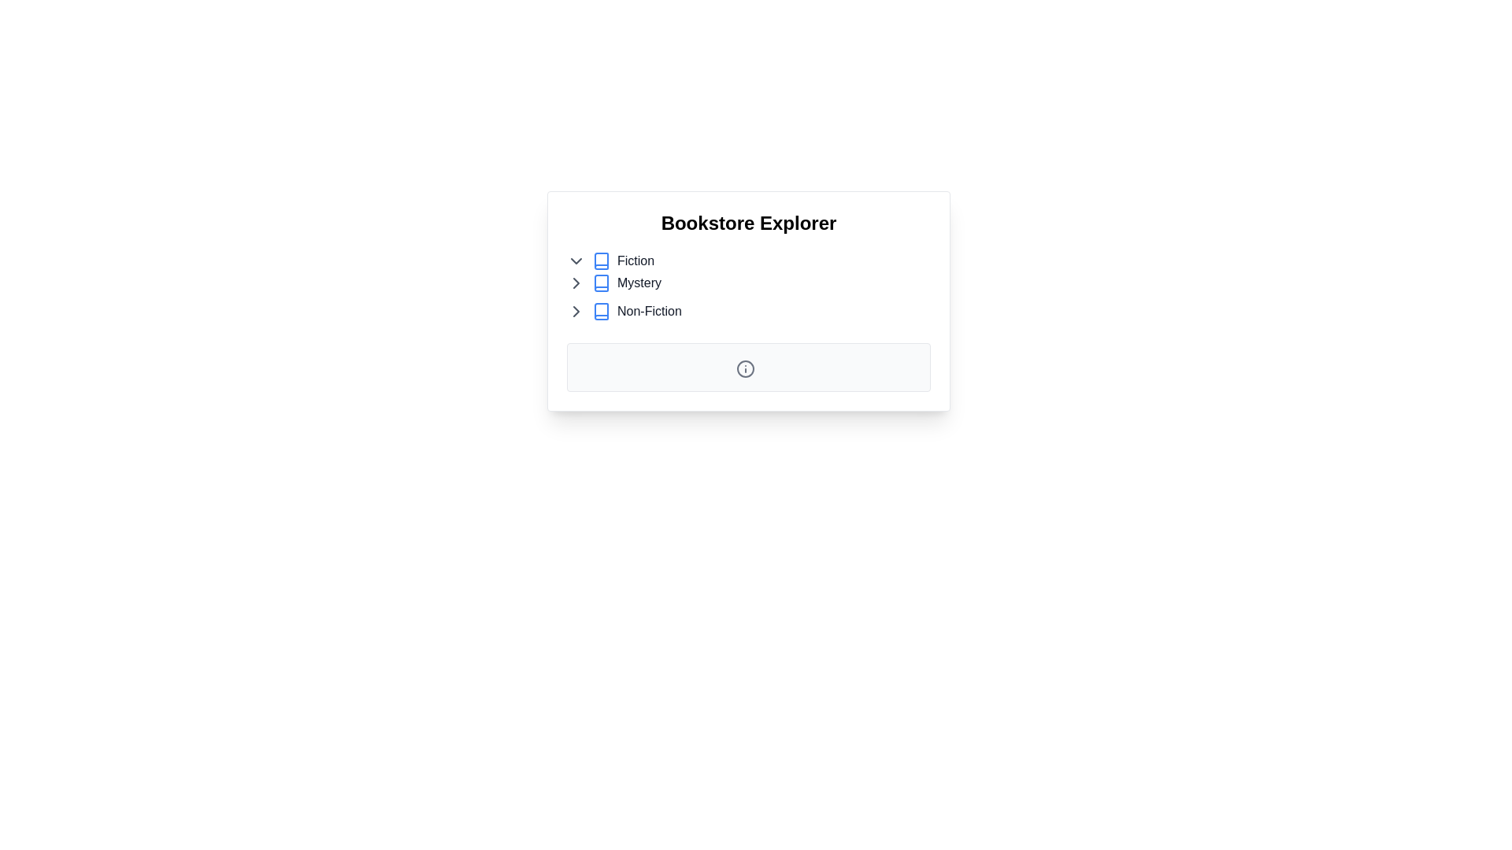 This screenshot has width=1512, height=850. I want to click on the text label reading 'Fiction', which is styled in medium-weight dark gray font and is located next to a blue book icon, so click(636, 260).